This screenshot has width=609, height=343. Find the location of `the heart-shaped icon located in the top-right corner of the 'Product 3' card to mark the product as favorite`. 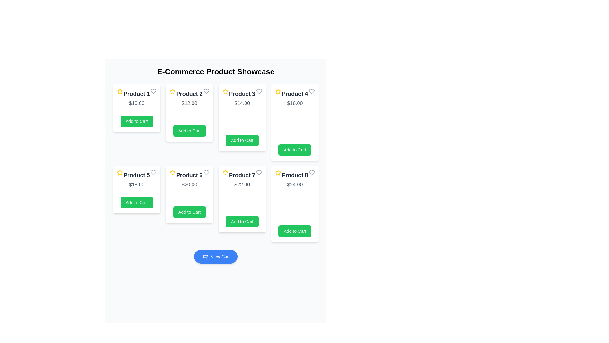

the heart-shaped icon located in the top-right corner of the 'Product 3' card to mark the product as favorite is located at coordinates (259, 91).